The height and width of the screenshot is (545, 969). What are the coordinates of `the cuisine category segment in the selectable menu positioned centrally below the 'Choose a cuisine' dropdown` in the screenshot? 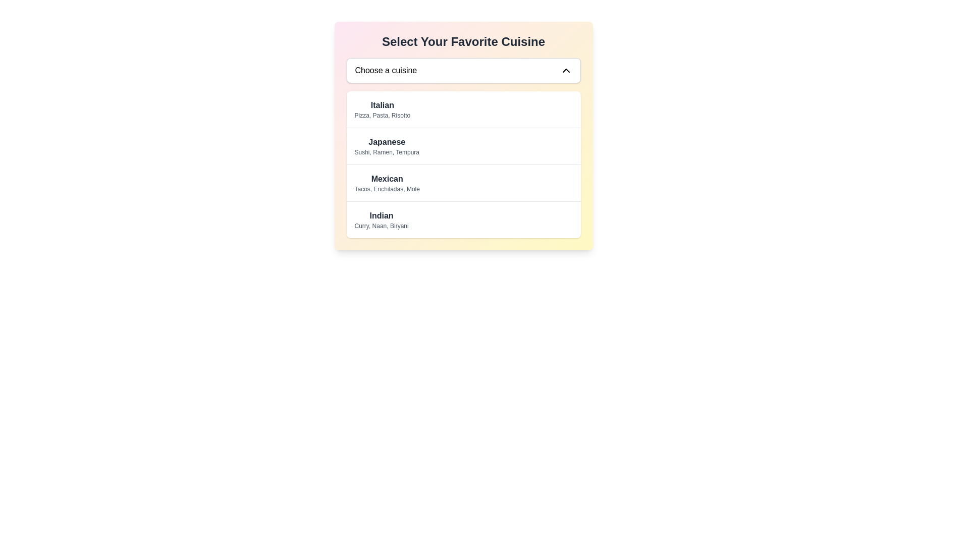 It's located at (463, 164).